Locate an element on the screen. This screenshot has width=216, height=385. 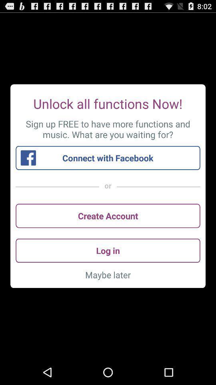
the maybe later item is located at coordinates (108, 275).